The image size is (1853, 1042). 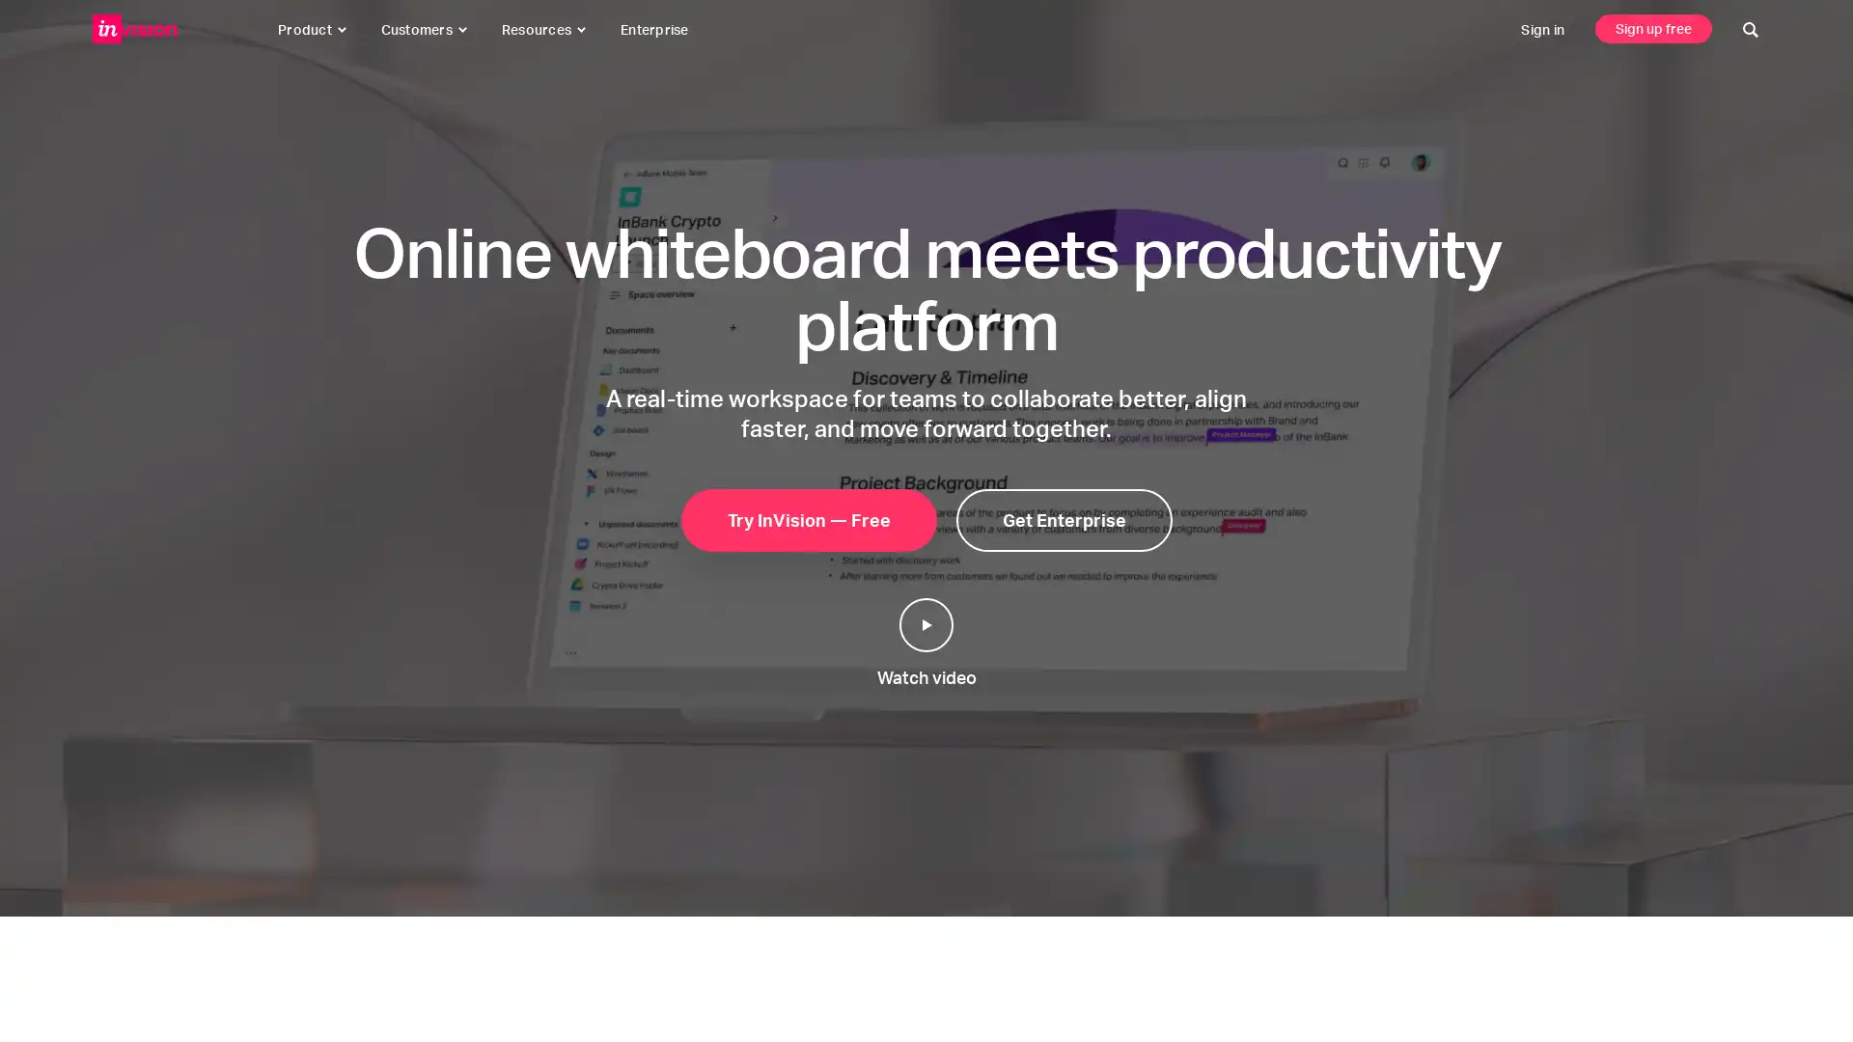 What do you see at coordinates (1791, 982) in the screenshot?
I see `click to start a conversation` at bounding box center [1791, 982].